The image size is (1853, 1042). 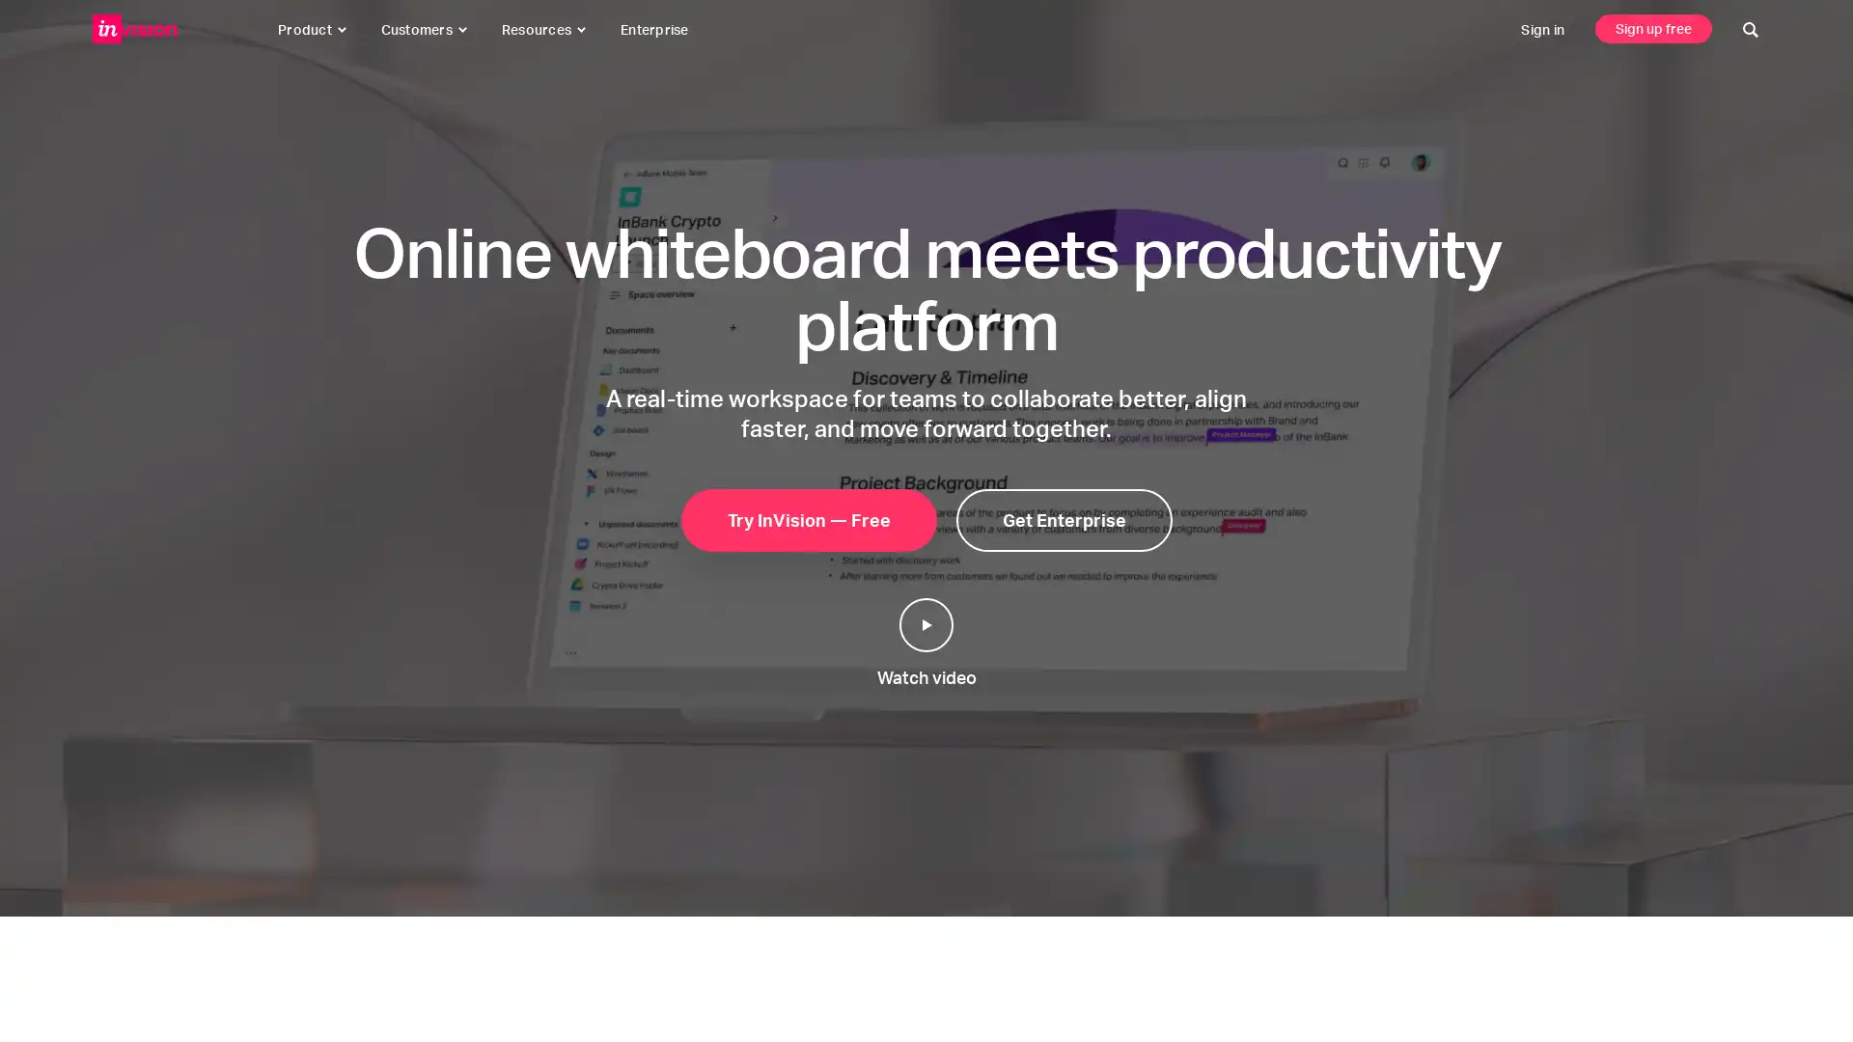 What do you see at coordinates (1791, 982) in the screenshot?
I see `click to start a conversation` at bounding box center [1791, 982].